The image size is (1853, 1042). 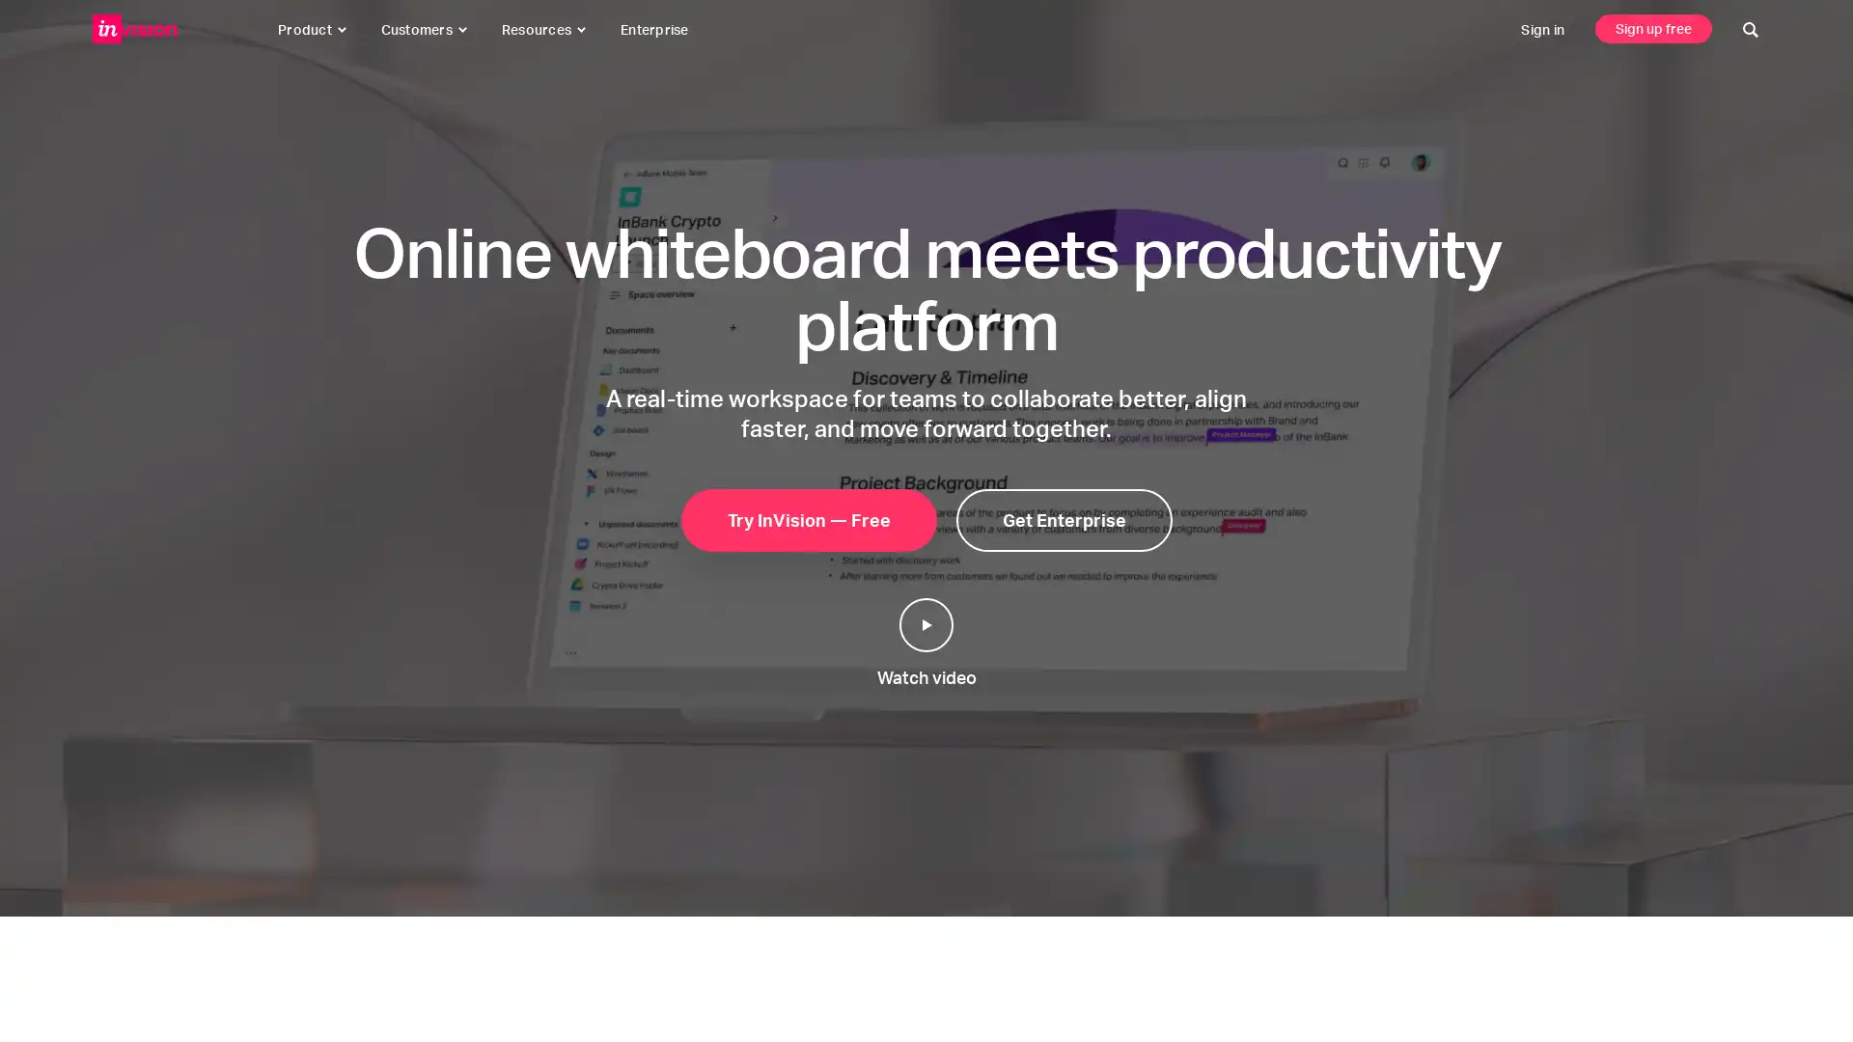 What do you see at coordinates (1791, 982) in the screenshot?
I see `click to start a conversation` at bounding box center [1791, 982].